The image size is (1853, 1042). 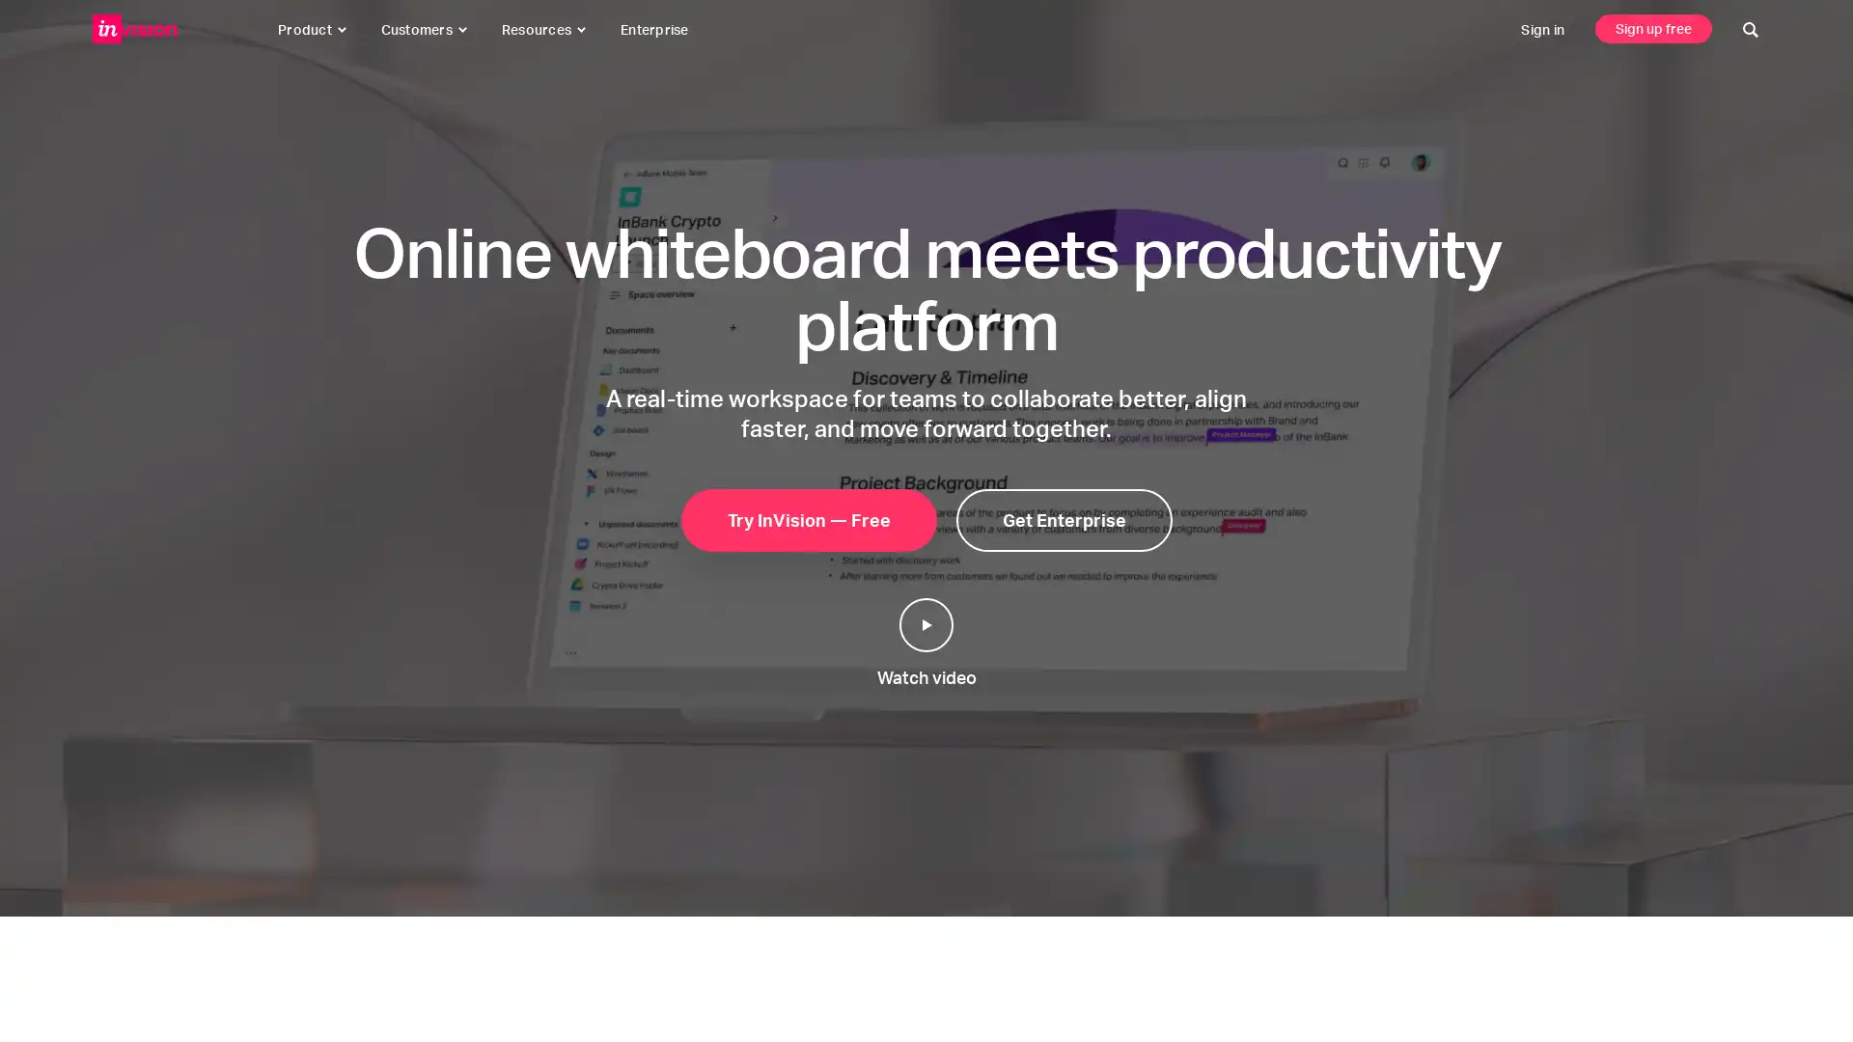 What do you see at coordinates (1791, 982) in the screenshot?
I see `click to start a conversation` at bounding box center [1791, 982].